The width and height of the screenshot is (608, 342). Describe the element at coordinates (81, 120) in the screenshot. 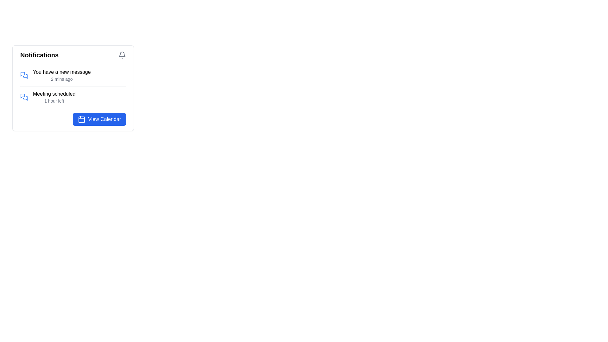

I see `the calendar icon located within the 'View Calendar' button at the bottom-right of the notification panel` at that location.